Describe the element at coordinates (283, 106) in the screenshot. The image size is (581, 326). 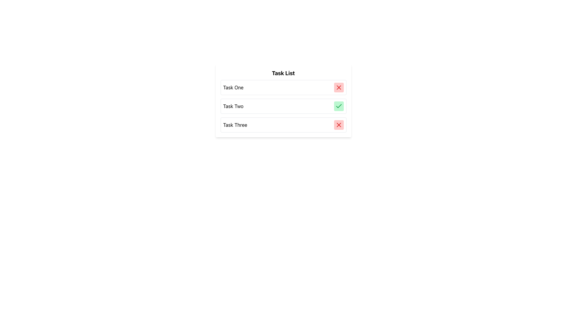
I see `the second list item labeled 'Task Two' in the task management interface` at that location.